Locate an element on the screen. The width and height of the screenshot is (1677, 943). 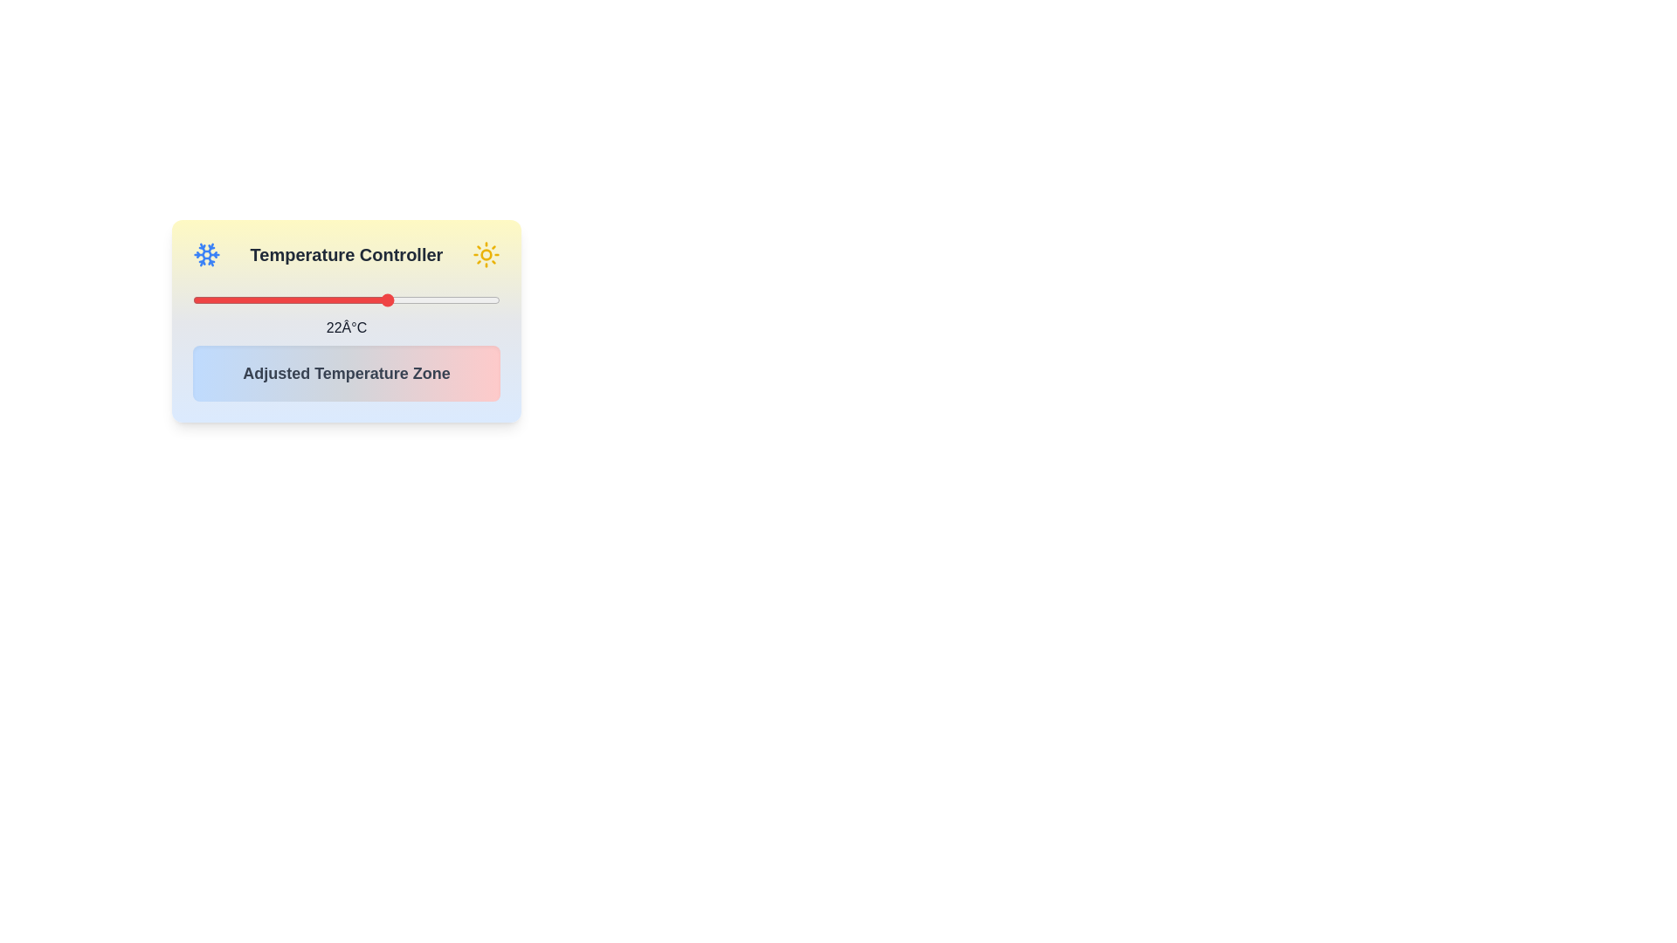
the small triangular decorative graphic that is part of the snowflake icon in the top-left corner of the Temperature Controller interface is located at coordinates (210, 249).